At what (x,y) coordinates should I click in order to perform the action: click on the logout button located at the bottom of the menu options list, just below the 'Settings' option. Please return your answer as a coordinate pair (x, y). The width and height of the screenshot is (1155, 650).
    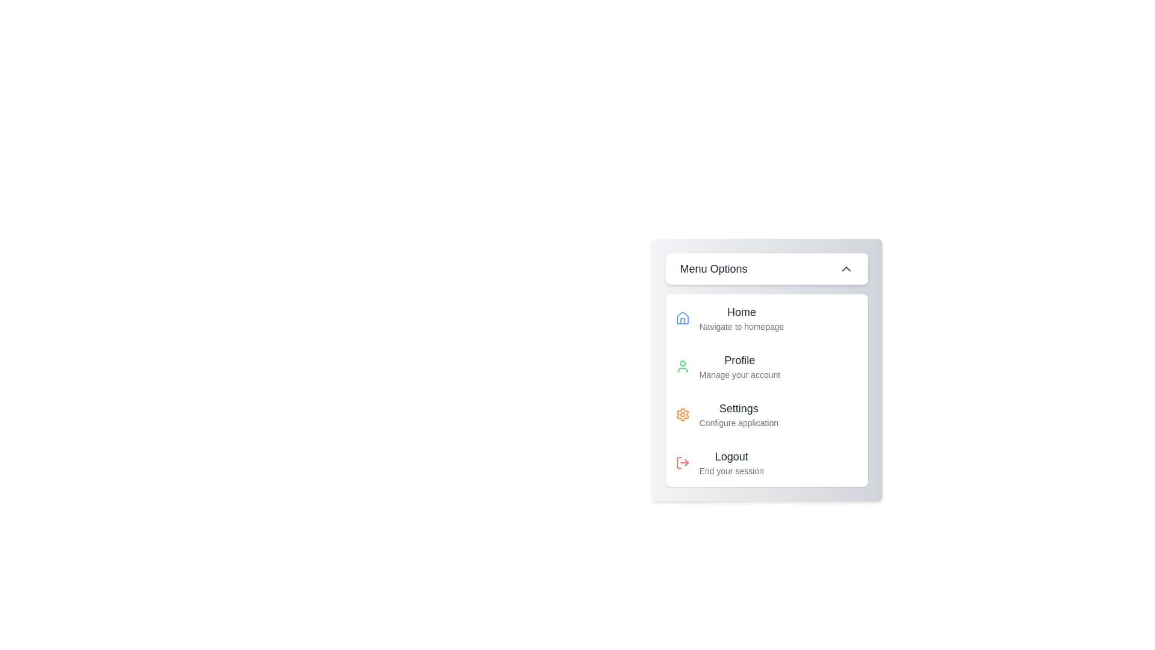
    Looking at the image, I should click on (766, 462).